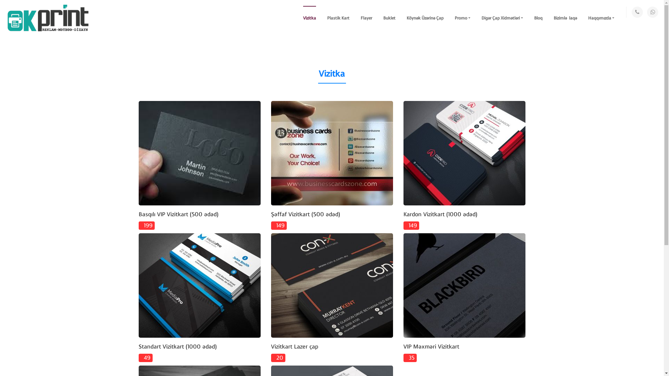 Image resolution: width=669 pixels, height=376 pixels. What do you see at coordinates (389, 17) in the screenshot?
I see `'Buklet'` at bounding box center [389, 17].